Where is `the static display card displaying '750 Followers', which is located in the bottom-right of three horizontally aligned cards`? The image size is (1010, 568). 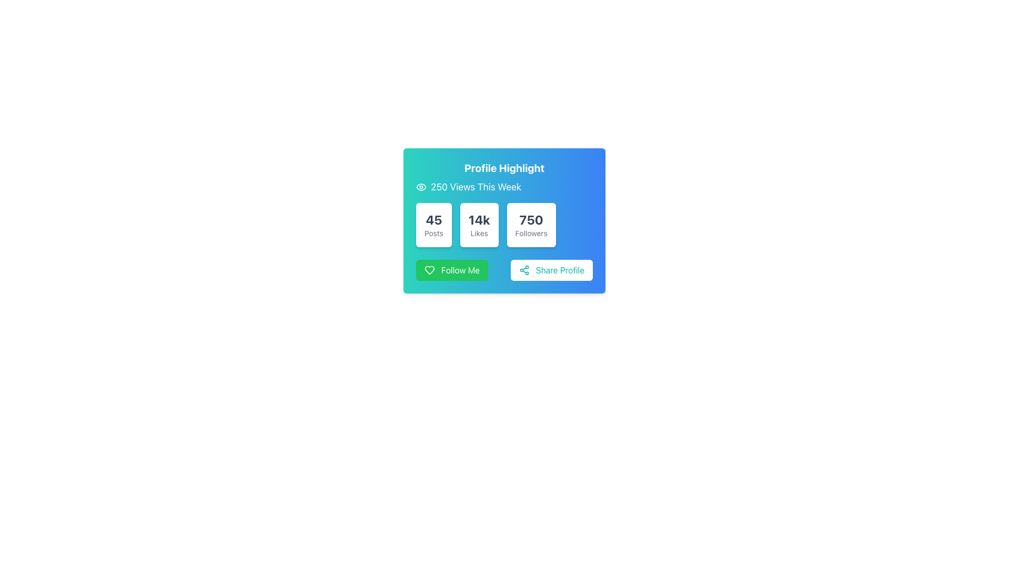 the static display card displaying '750 Followers', which is located in the bottom-right of three horizontally aligned cards is located at coordinates (531, 225).